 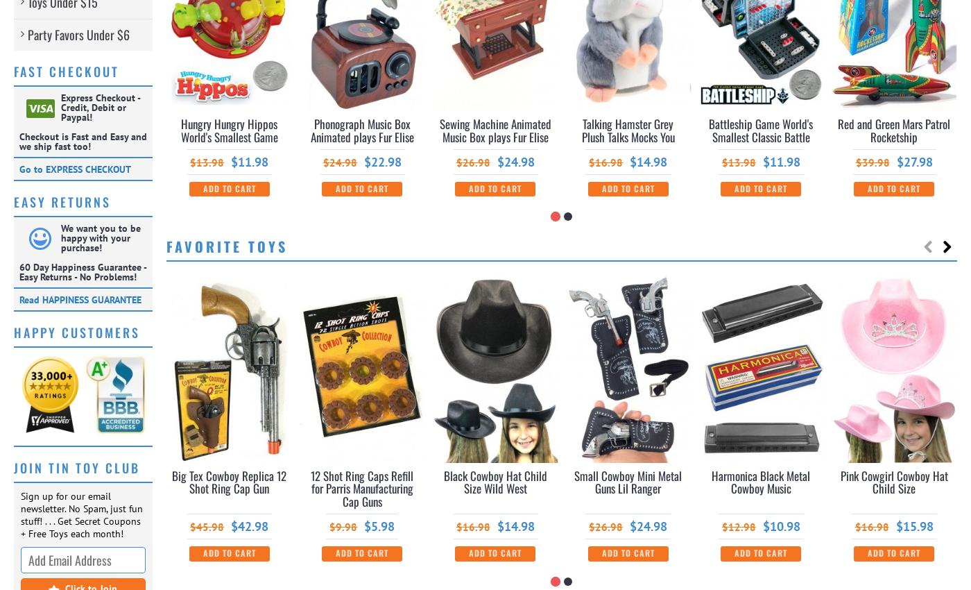 I want to click on '-15%', so click(x=805, y=288).